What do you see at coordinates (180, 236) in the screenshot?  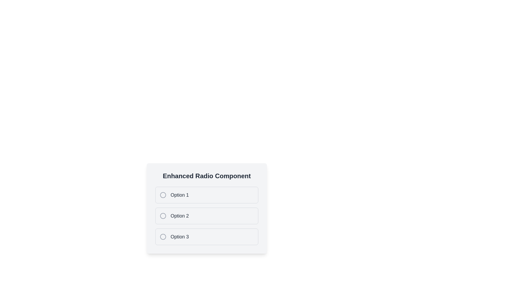 I see `the text label that describes the third selectable radio option in the vertical list of radio buttons` at bounding box center [180, 236].